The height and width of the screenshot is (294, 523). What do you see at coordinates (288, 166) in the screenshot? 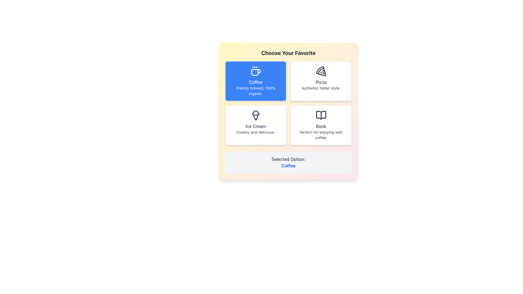
I see `the static text label displaying 'Coffee', which is located at the bottom center of the layout, specifically as the second line of text following 'Selected Option:'` at bounding box center [288, 166].